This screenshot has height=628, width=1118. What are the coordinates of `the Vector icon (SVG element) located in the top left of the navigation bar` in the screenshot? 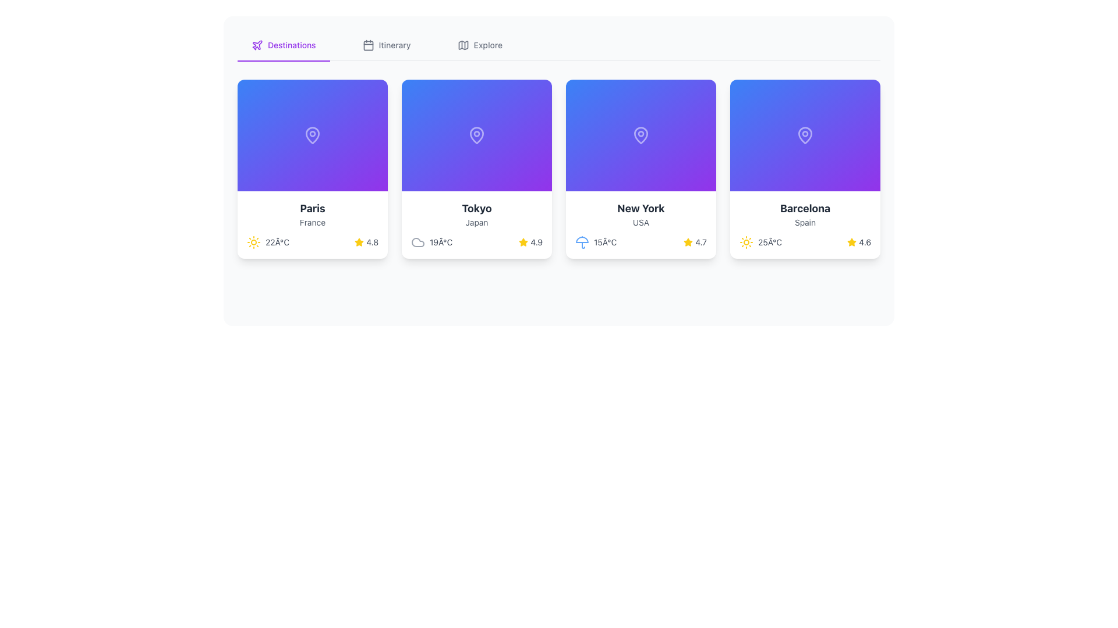 It's located at (462, 44).